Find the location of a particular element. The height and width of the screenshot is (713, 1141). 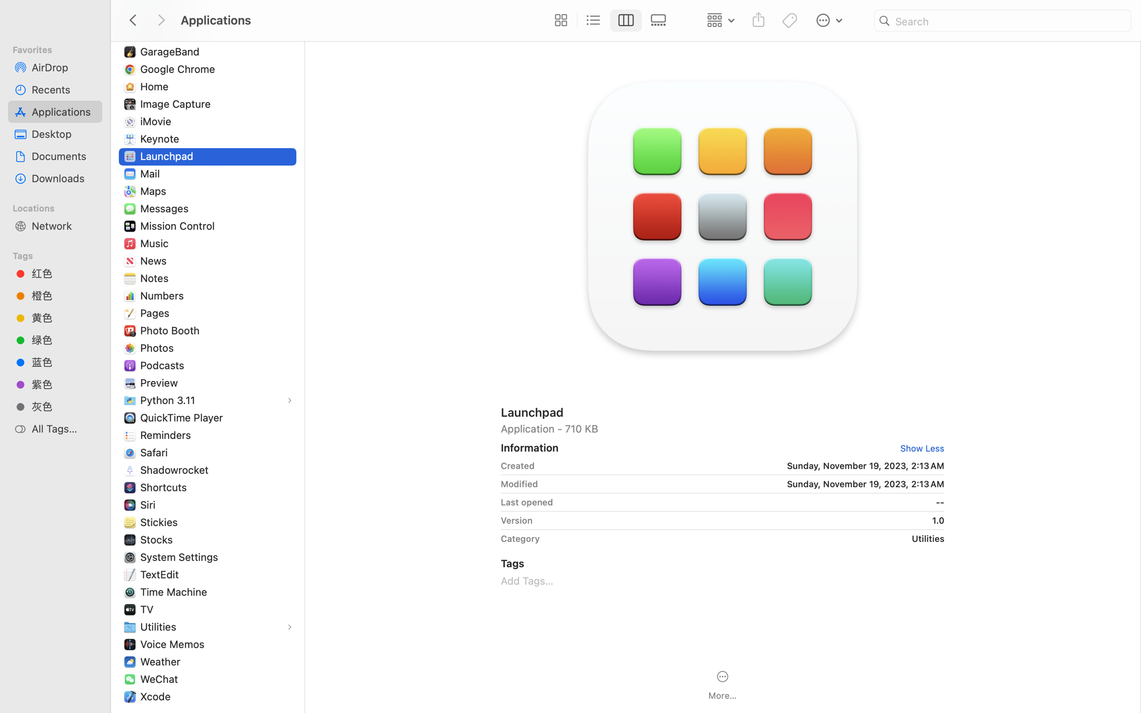

'Downloads' is located at coordinates (63, 178).